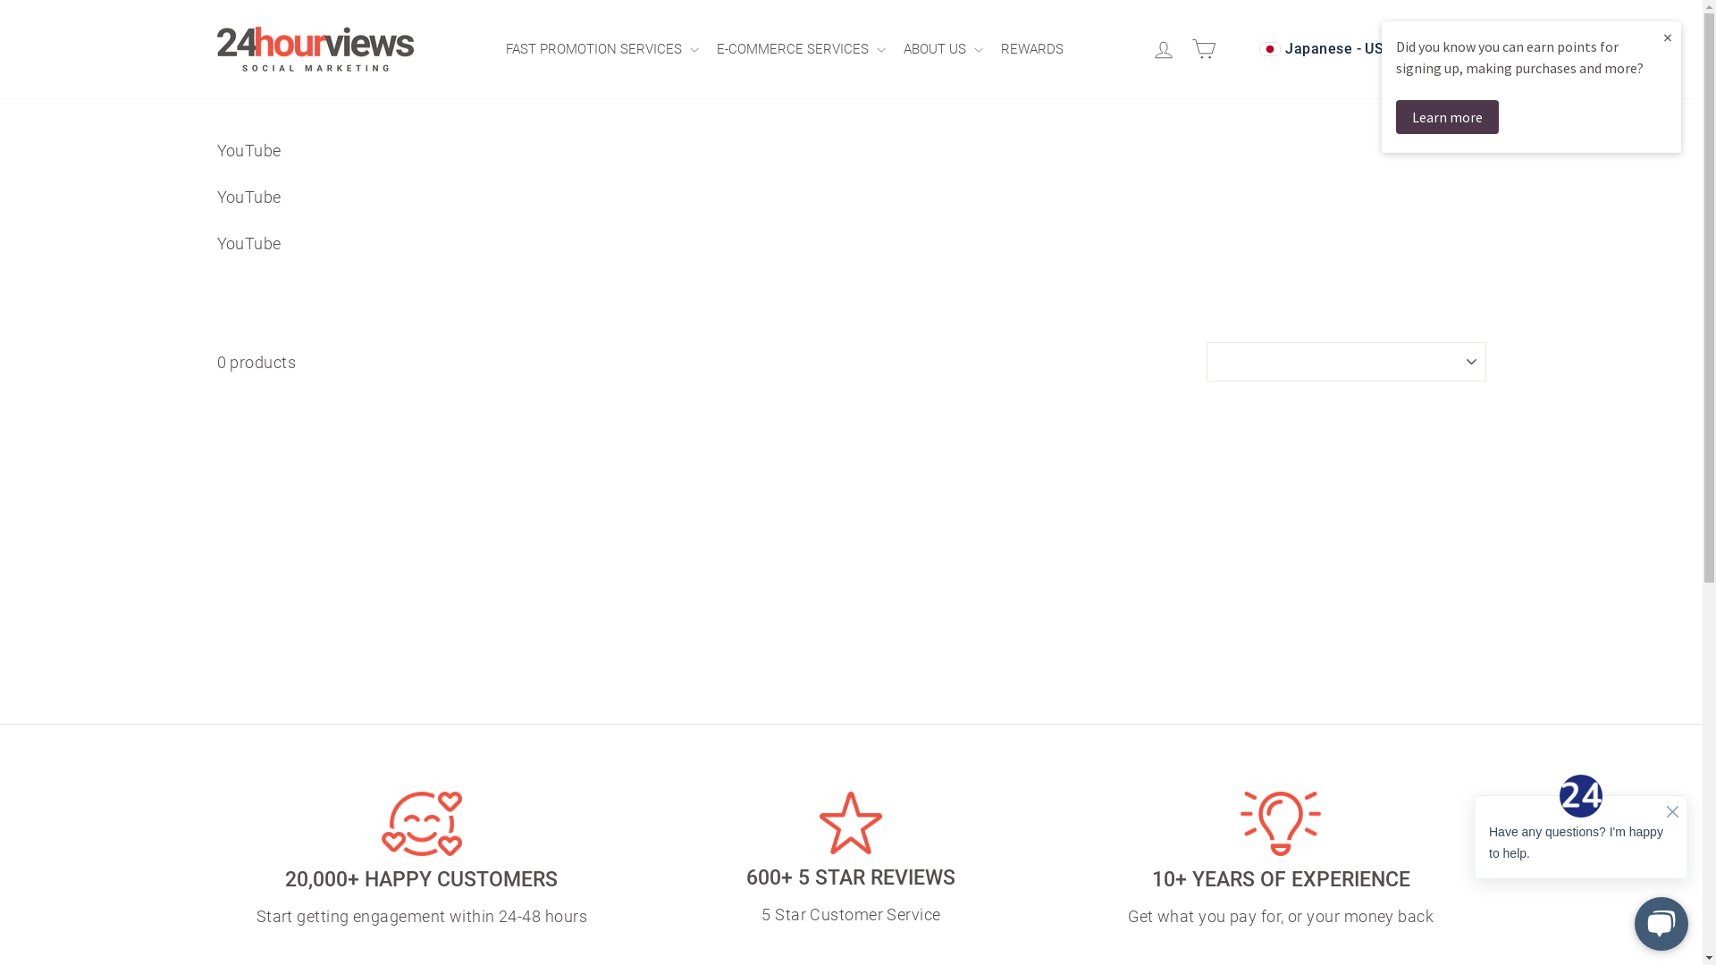 This screenshot has height=965, width=1716. I want to click on 'CART', so click(1207, 48).